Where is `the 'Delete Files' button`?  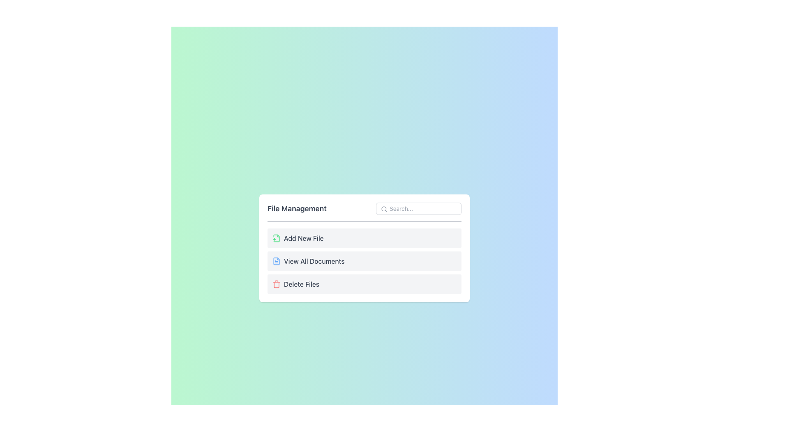
the 'Delete Files' button is located at coordinates (364, 283).